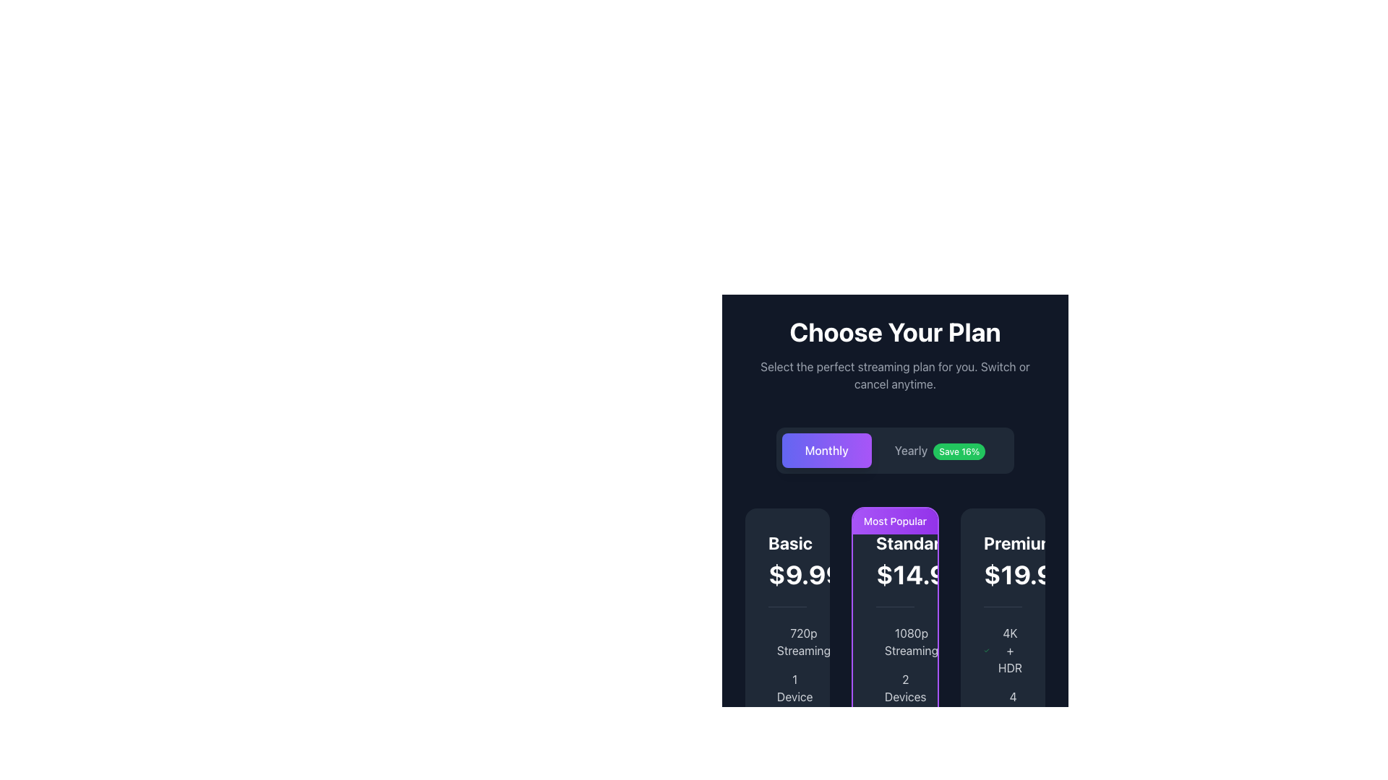 This screenshot has width=1388, height=780. What do you see at coordinates (980, 578) in the screenshot?
I see `the small text component displaying '/mo' in gray color, located to the immediate right of '$14.99' in the 'Standard' plan's price description for possible tooltips or interactivity` at bounding box center [980, 578].